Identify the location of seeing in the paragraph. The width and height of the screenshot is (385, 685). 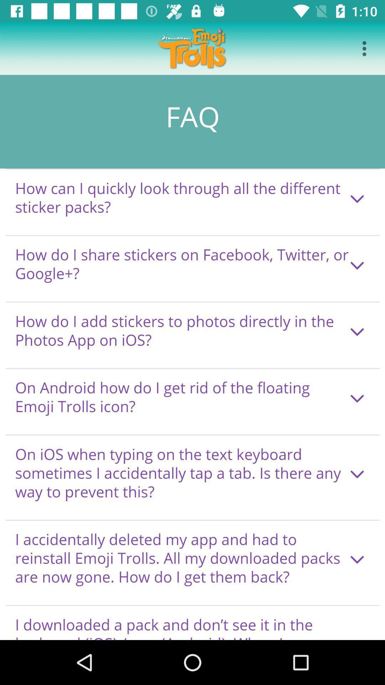
(192, 357).